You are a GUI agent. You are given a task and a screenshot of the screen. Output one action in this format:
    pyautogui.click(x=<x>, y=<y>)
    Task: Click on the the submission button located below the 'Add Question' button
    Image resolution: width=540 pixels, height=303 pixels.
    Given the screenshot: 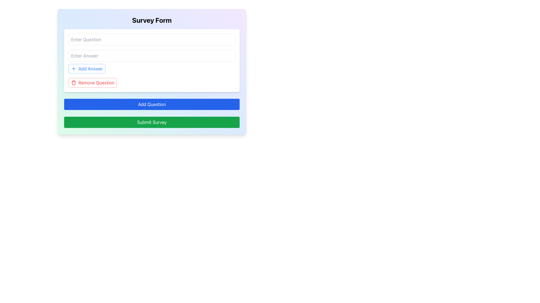 What is the action you would take?
    pyautogui.click(x=152, y=122)
    